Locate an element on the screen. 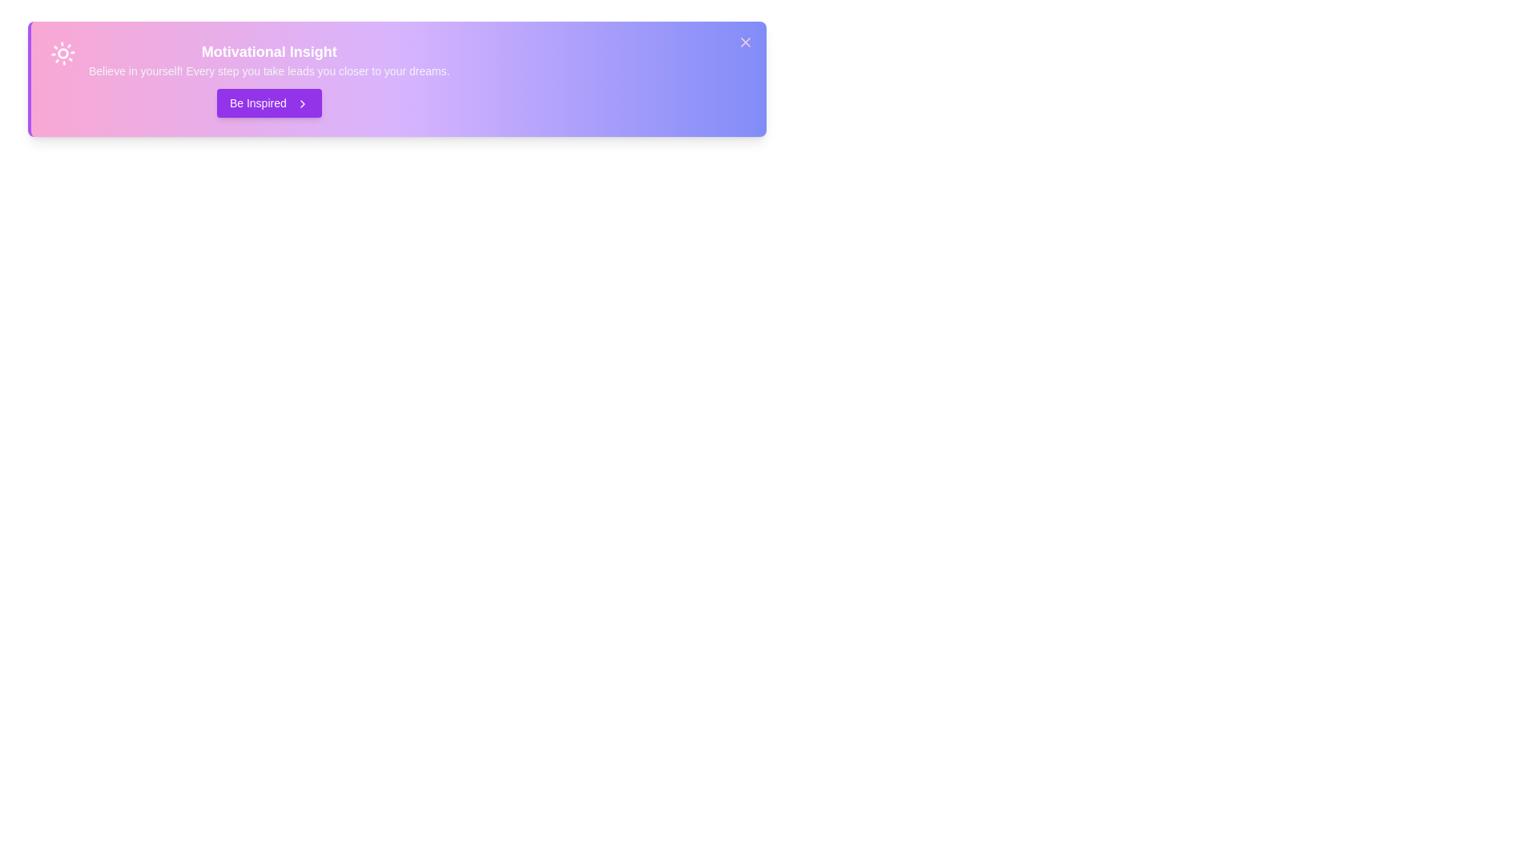  'Be Inspired' button to trigger the motivational message is located at coordinates (269, 103).